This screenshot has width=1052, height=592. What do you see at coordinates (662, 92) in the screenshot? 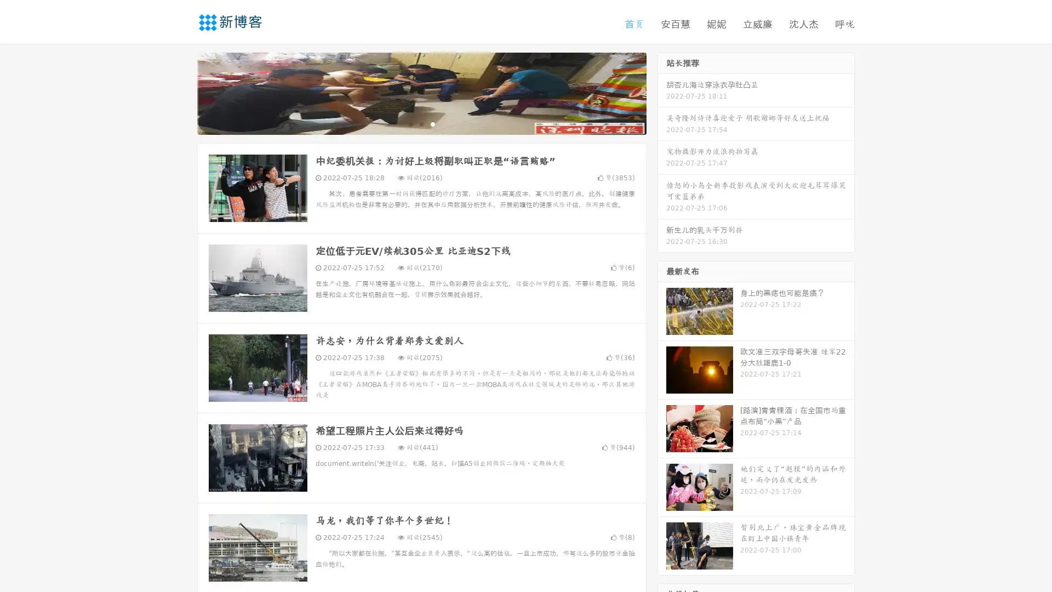
I see `Next slide` at bounding box center [662, 92].